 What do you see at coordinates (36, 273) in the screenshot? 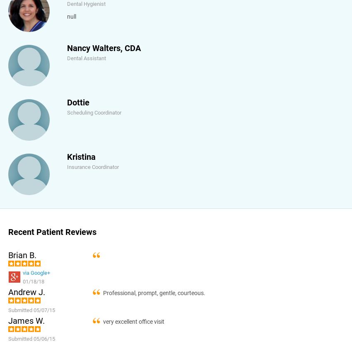
I see `'via Google+'` at bounding box center [36, 273].